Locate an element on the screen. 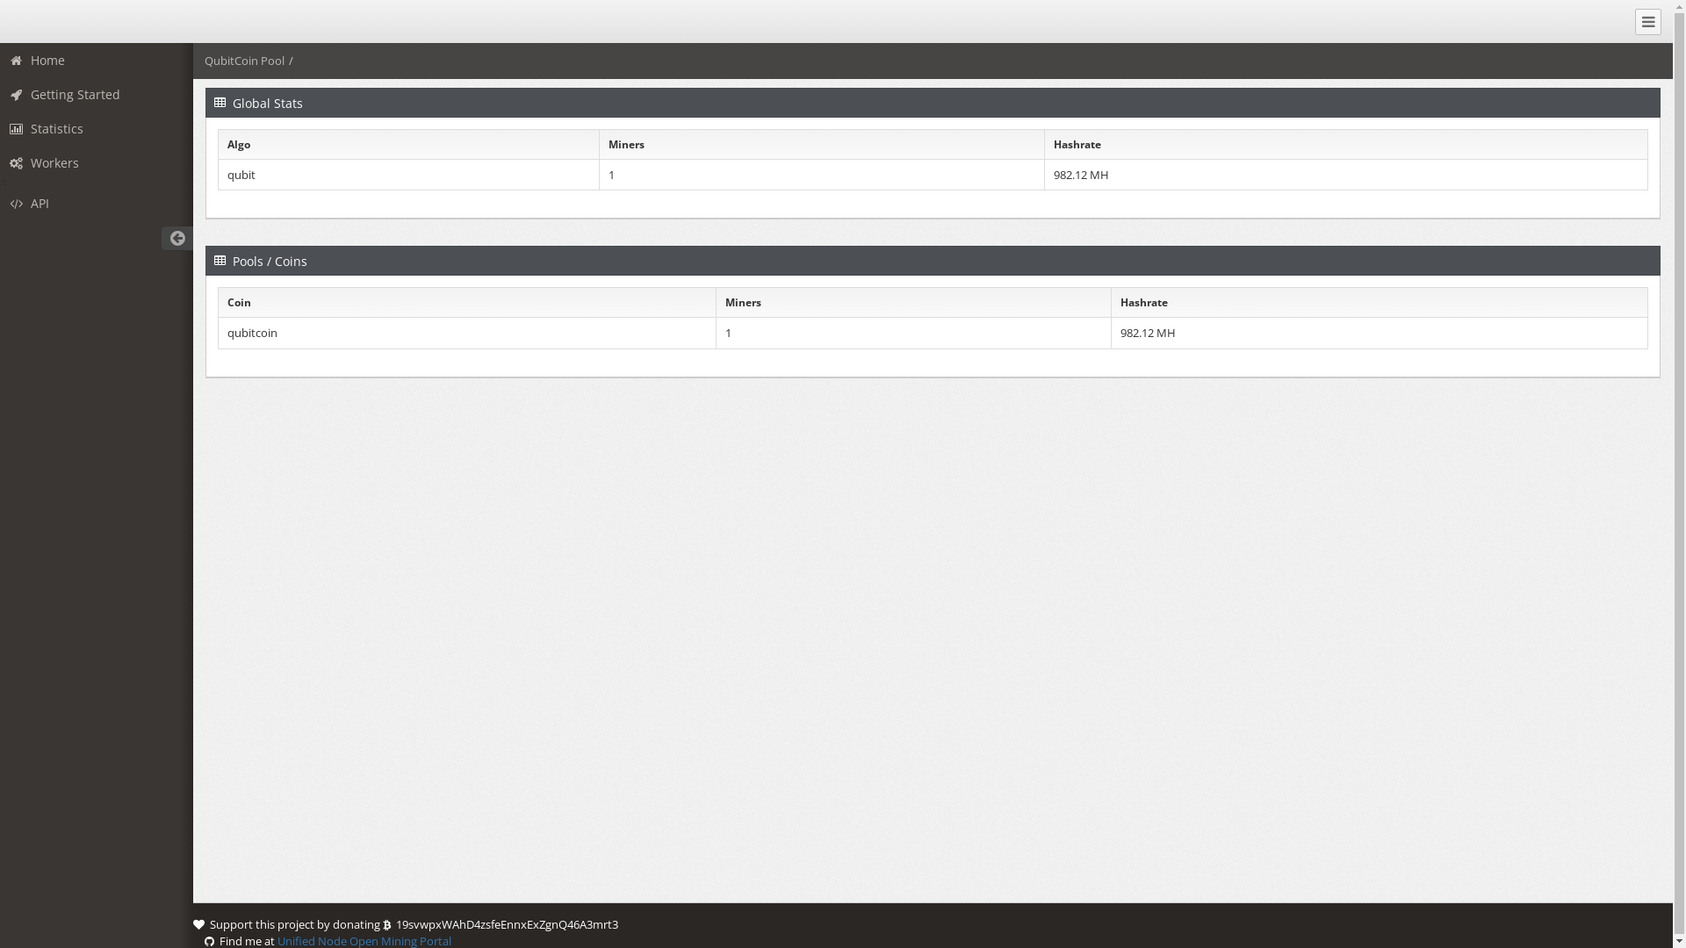  'Collapse Menu' is located at coordinates (1646, 21).